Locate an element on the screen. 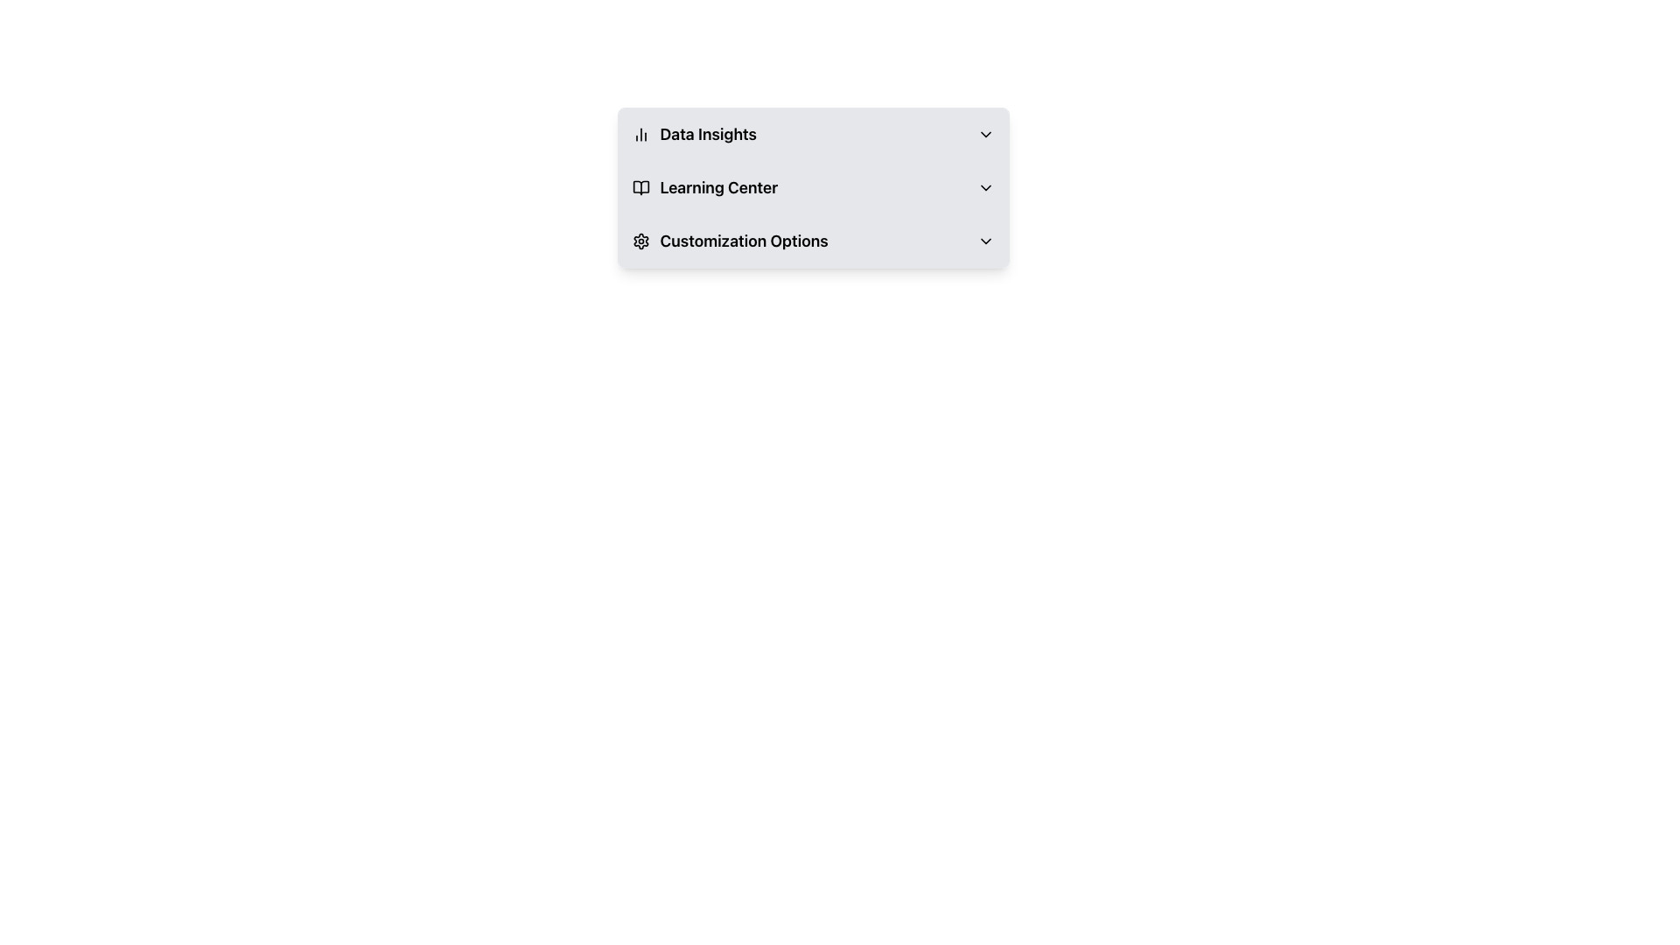 The width and height of the screenshot is (1680, 945). the dropdown chevron icon located at the far right of the 'Customization Options' section, indicating collapse or expand functionality is located at coordinates (985, 241).